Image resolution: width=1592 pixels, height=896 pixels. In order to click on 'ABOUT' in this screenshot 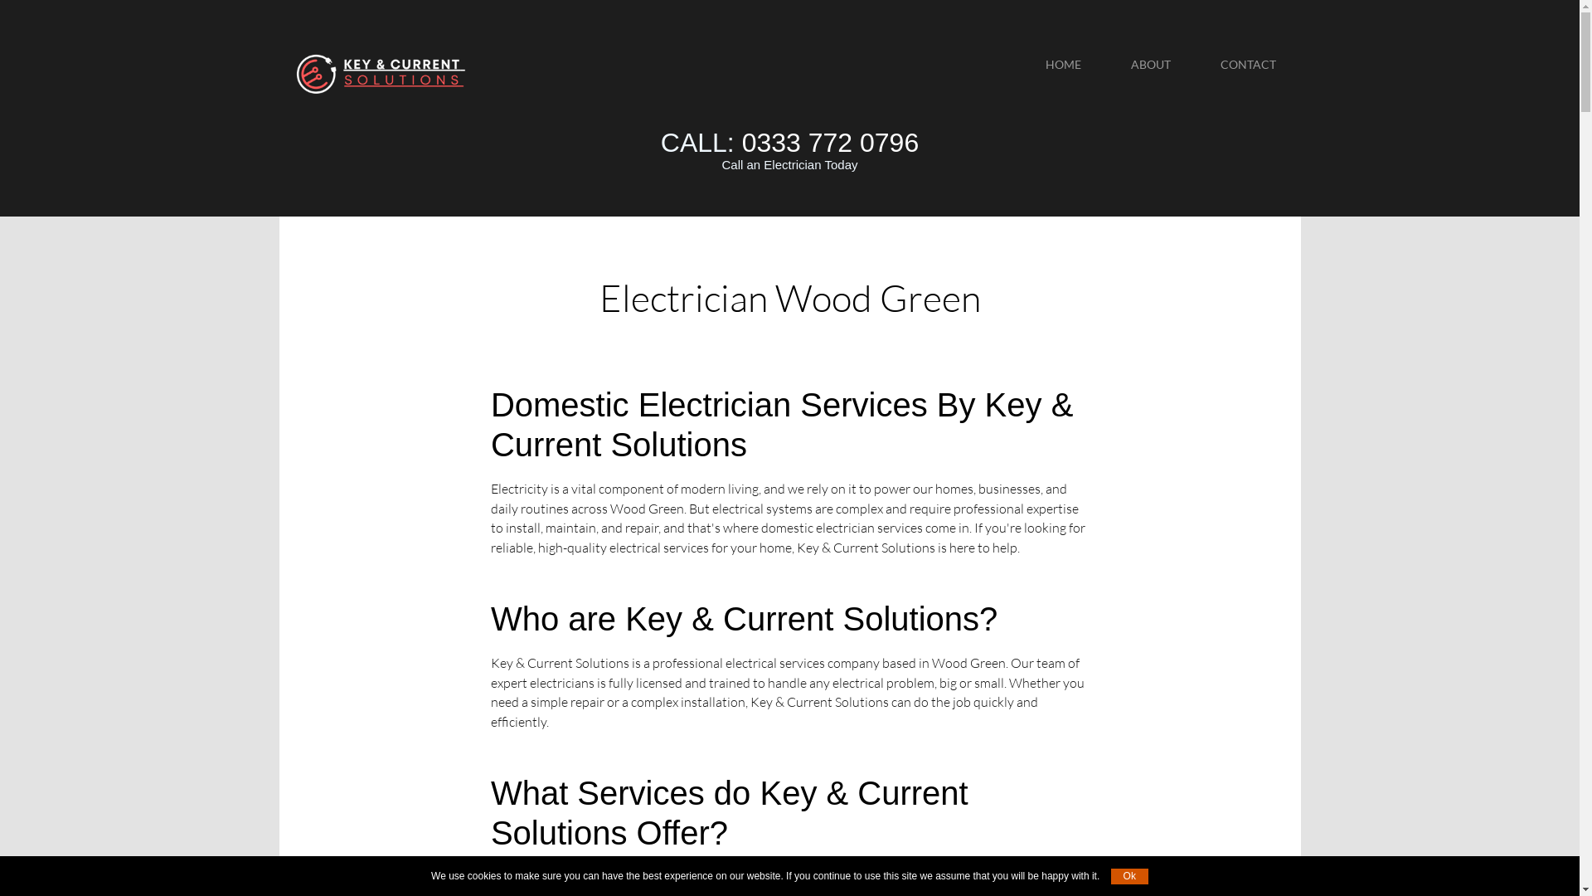, I will do `click(1106, 64)`.